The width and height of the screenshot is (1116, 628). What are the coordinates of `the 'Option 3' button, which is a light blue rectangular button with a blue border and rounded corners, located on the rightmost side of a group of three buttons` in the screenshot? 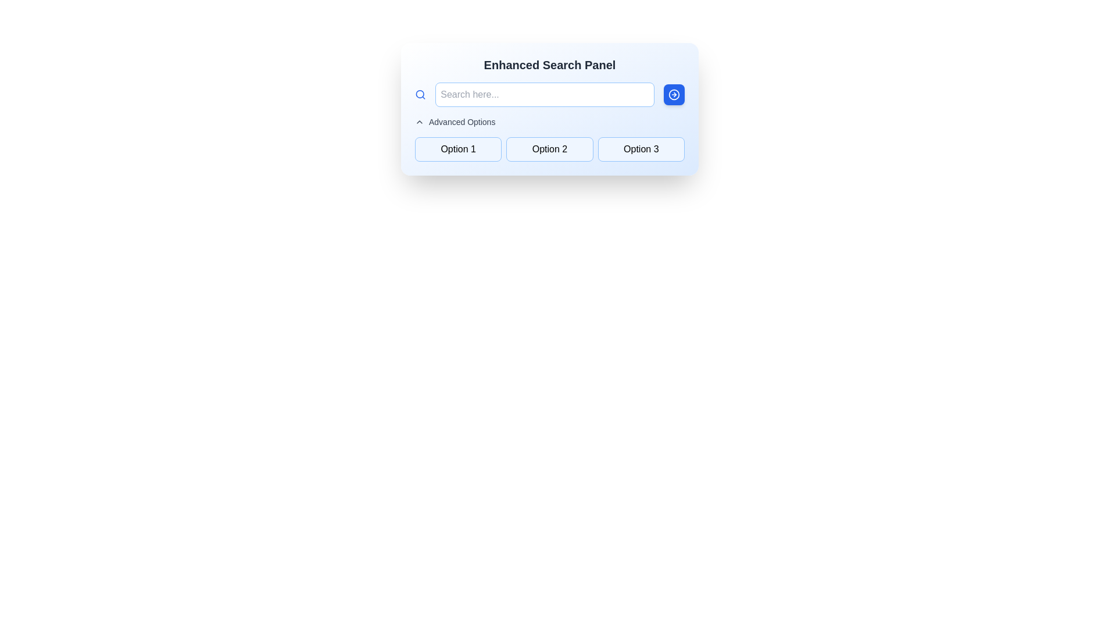 It's located at (641, 149).